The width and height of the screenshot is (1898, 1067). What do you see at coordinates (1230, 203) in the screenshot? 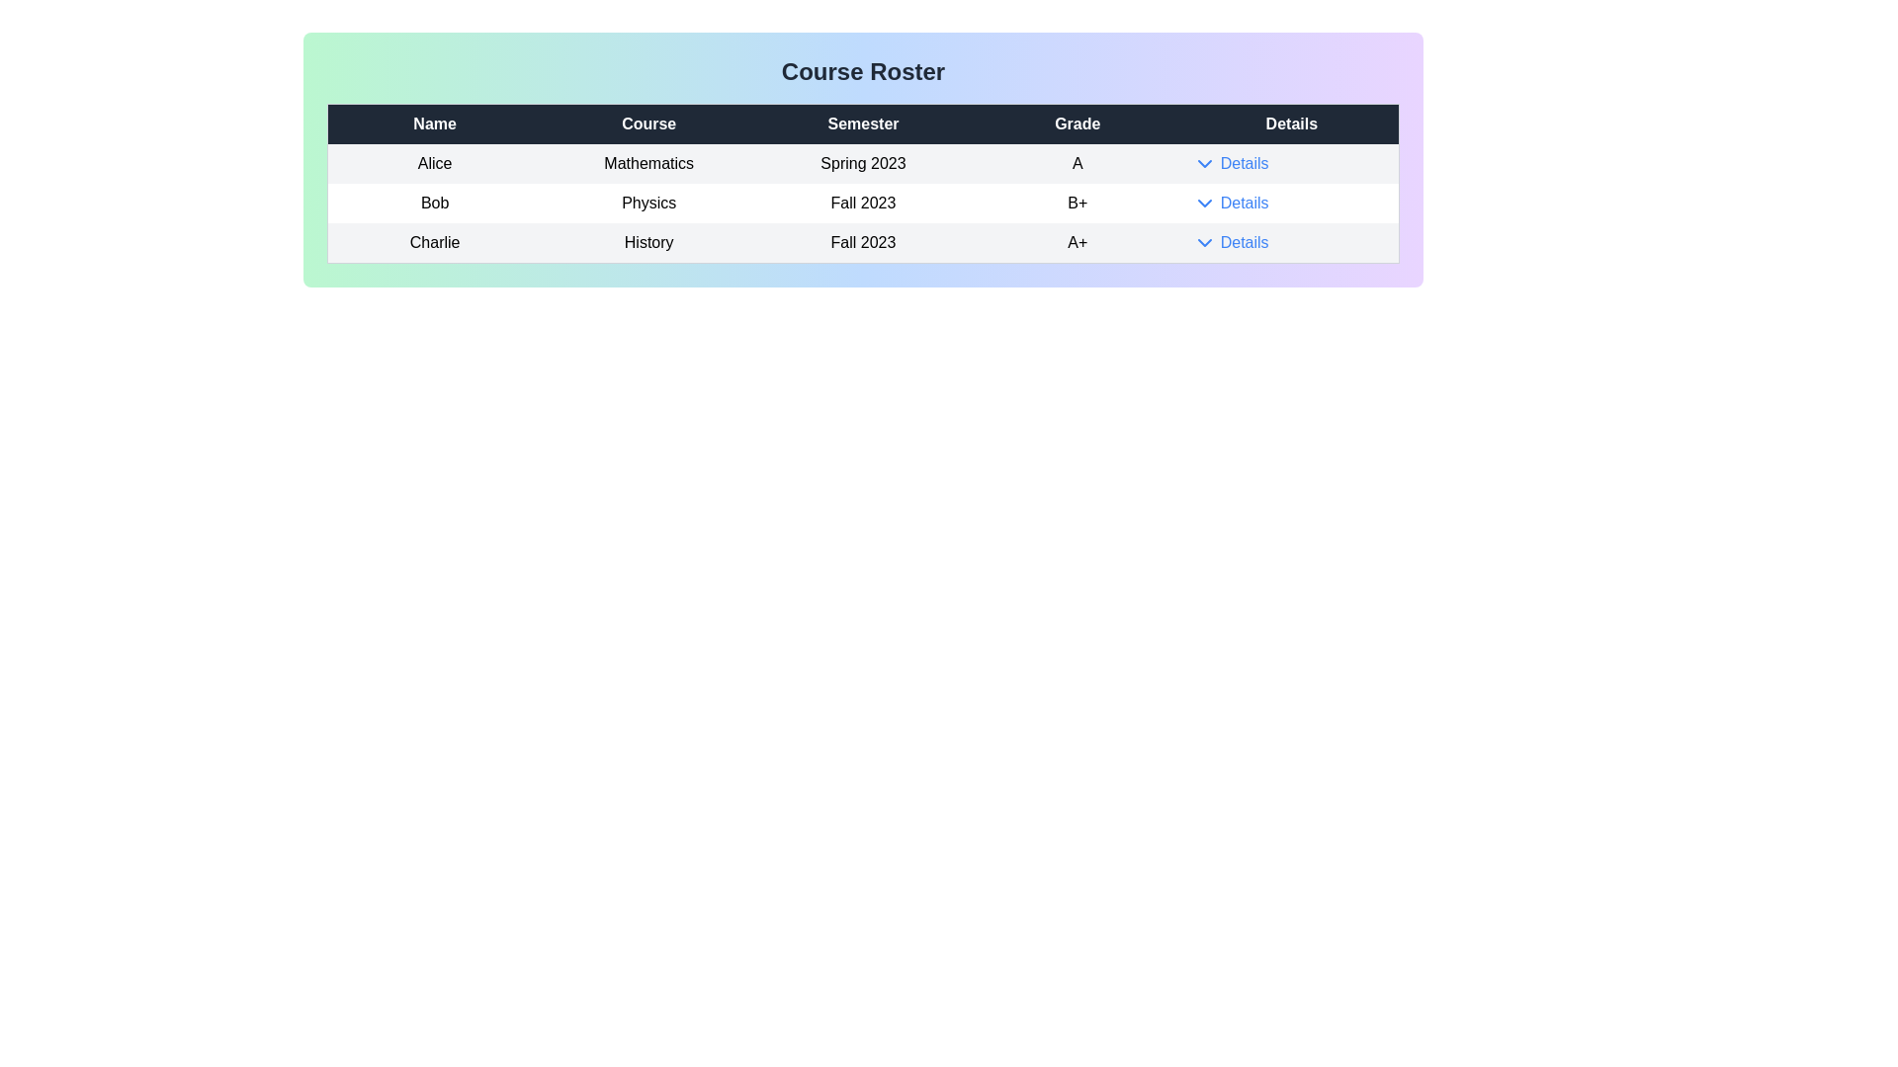
I see `the interactive button-like component in the fourth column of the second row, which corresponds to 'Bob' - 'Physics'` at bounding box center [1230, 203].